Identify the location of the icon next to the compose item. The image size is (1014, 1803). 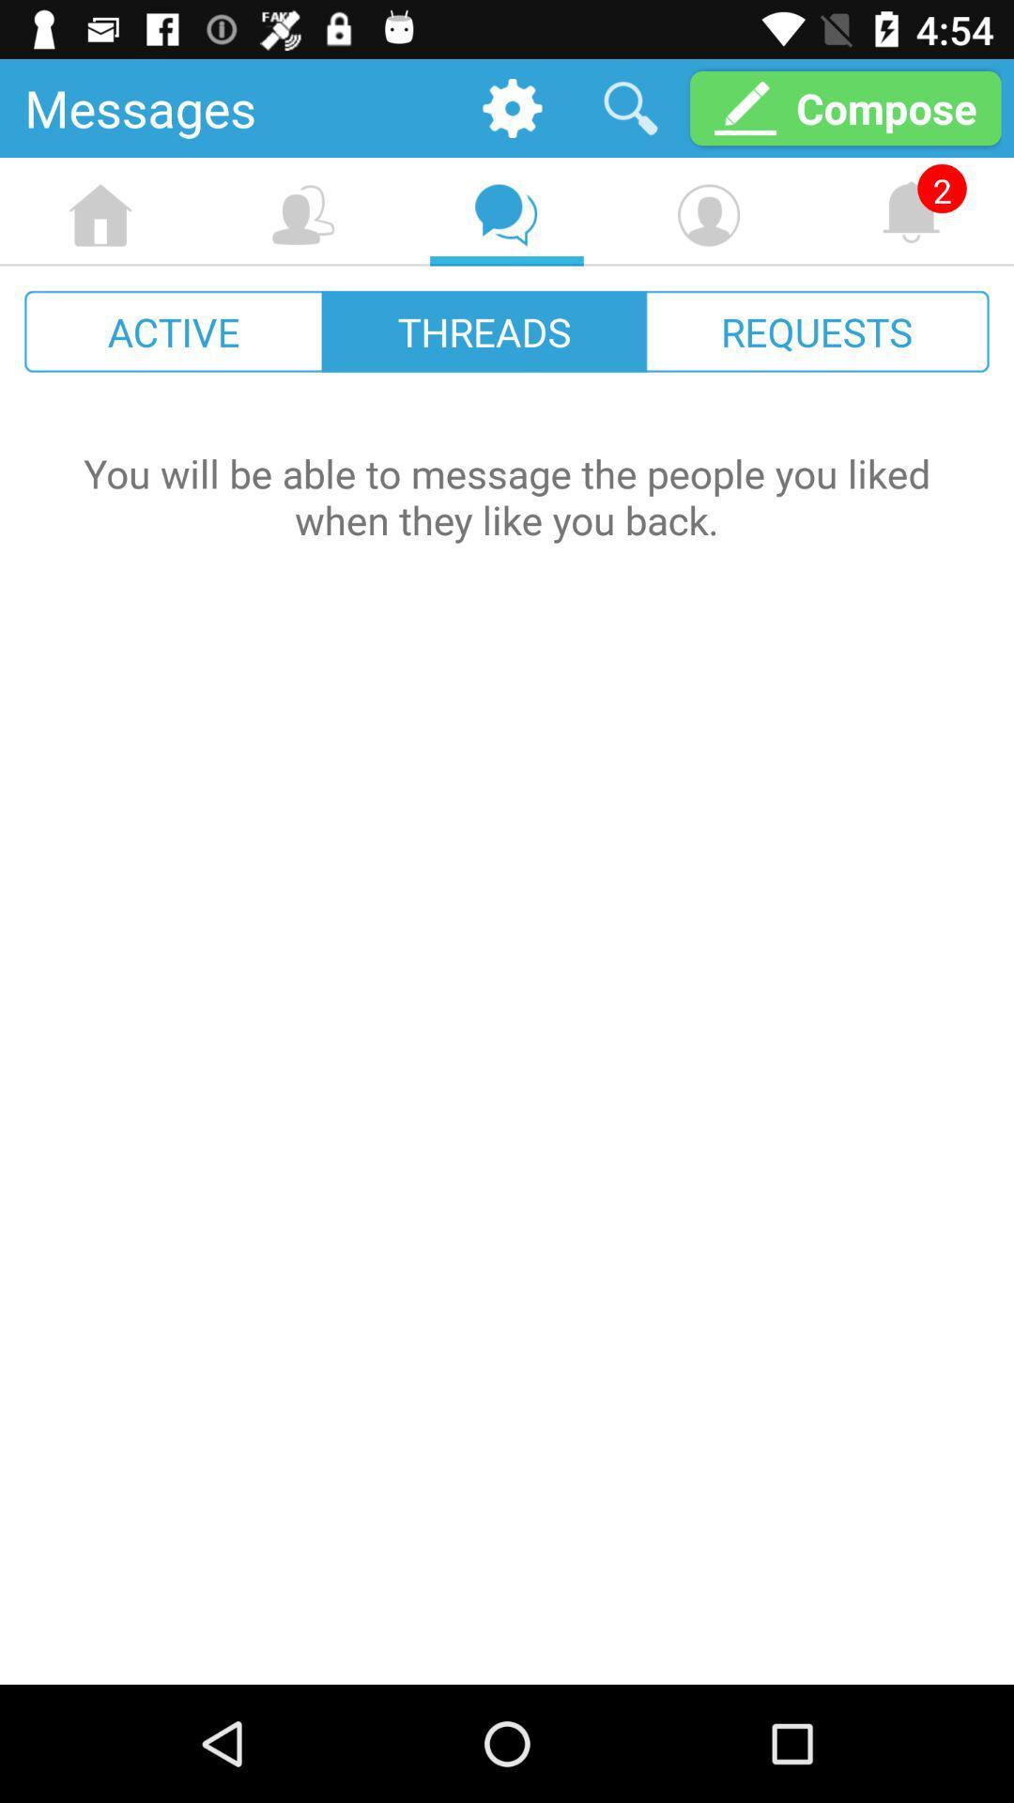
(630, 107).